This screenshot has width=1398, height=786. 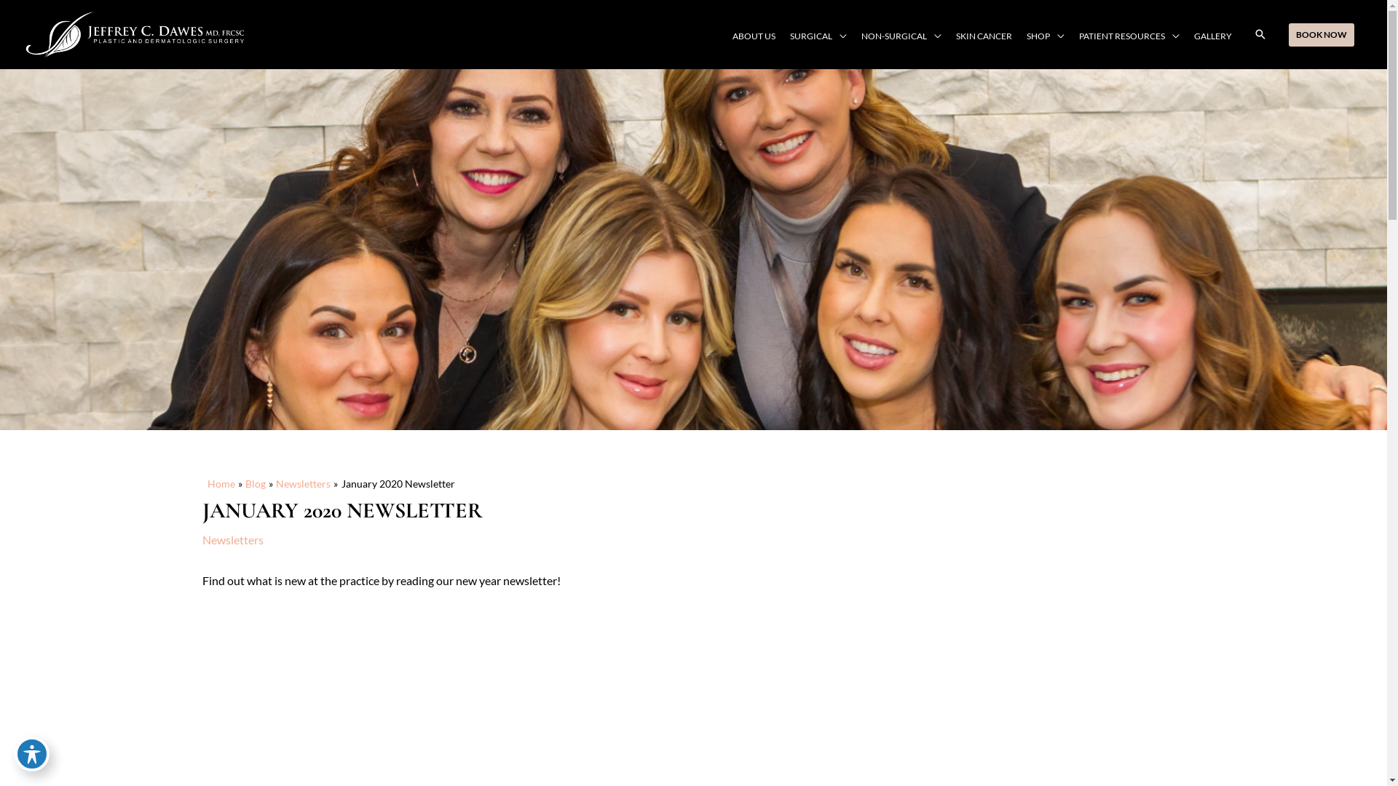 I want to click on 'SHOP', so click(x=1044, y=36).